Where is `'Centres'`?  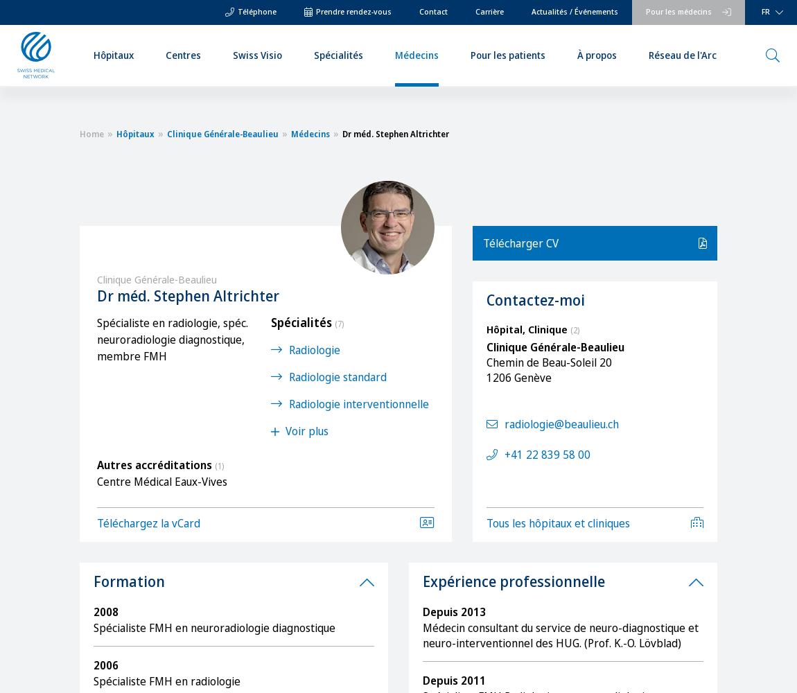 'Centres' is located at coordinates (164, 53).